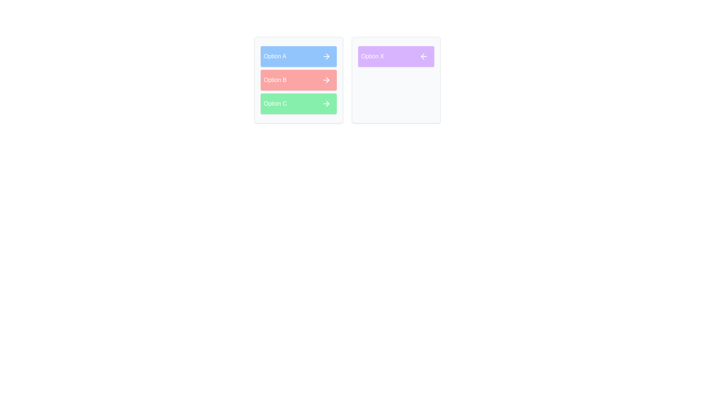  I want to click on 'Move to Right' button for the item Option C in the source list, so click(326, 104).